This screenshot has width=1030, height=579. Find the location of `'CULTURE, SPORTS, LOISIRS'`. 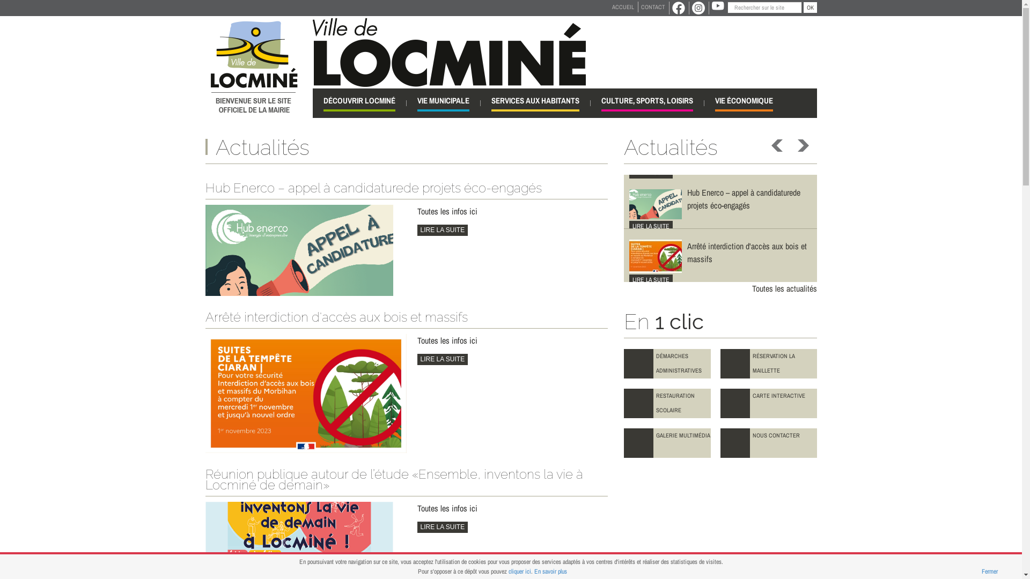

'CULTURE, SPORTS, LOISIRS' is located at coordinates (646, 103).